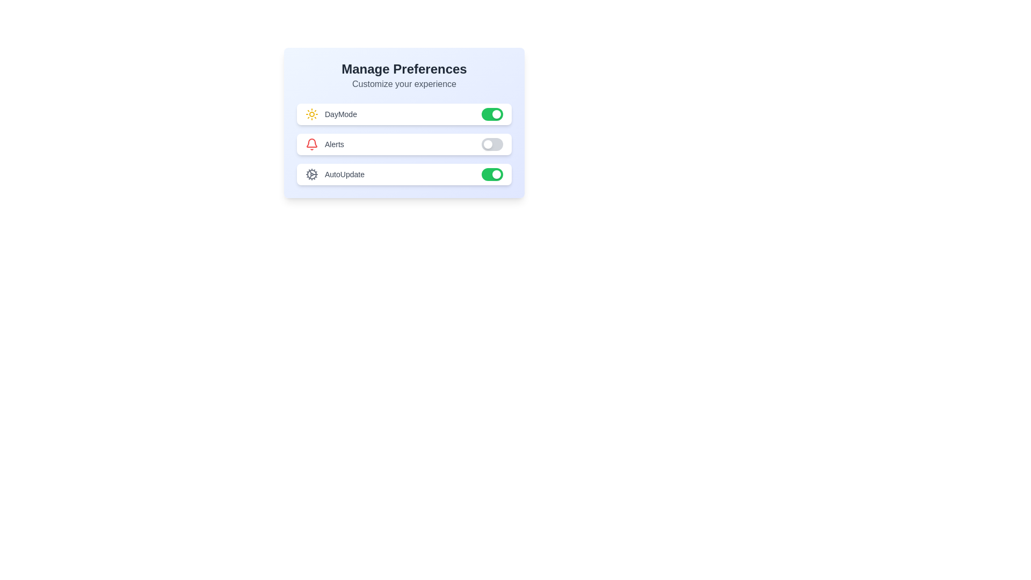 This screenshot has width=1031, height=580. I want to click on the 'DayMode' toggleable list item, so click(404, 114).